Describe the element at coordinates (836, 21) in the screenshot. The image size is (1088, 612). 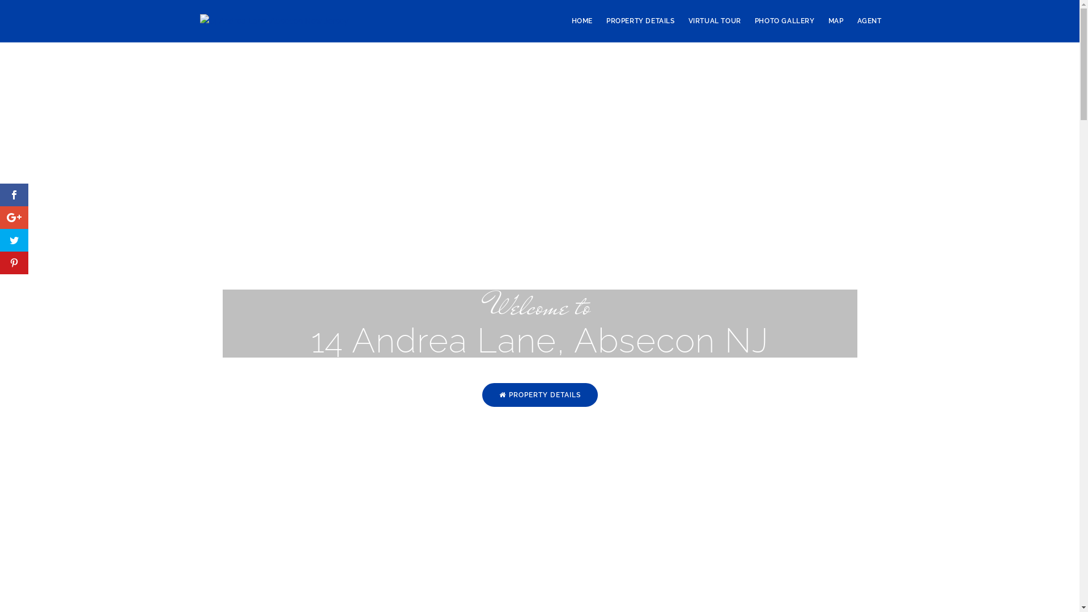
I see `'MAP'` at that location.